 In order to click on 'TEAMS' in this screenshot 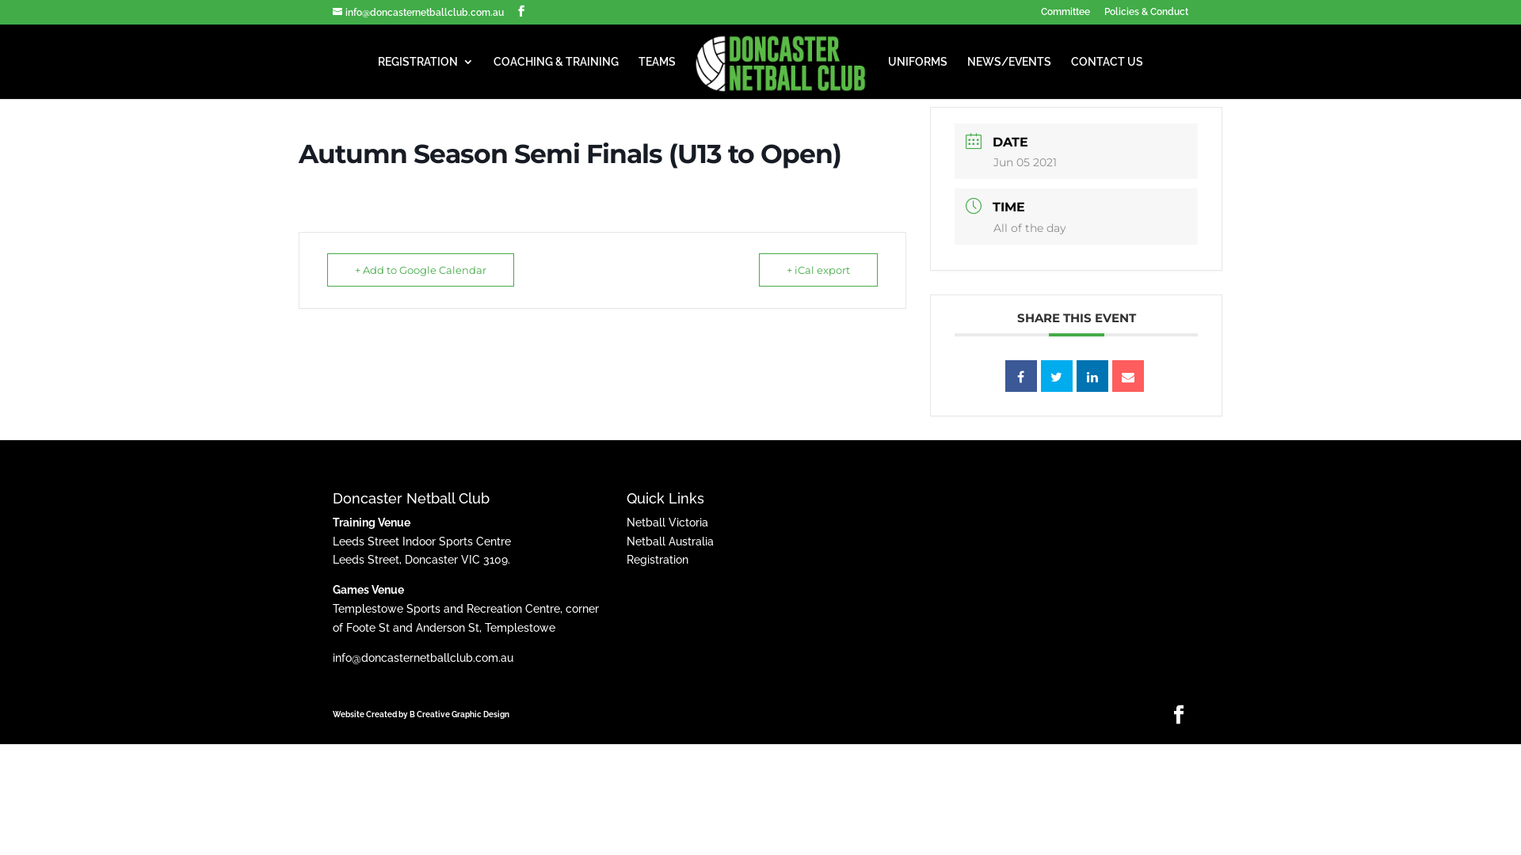, I will do `click(657, 77)`.